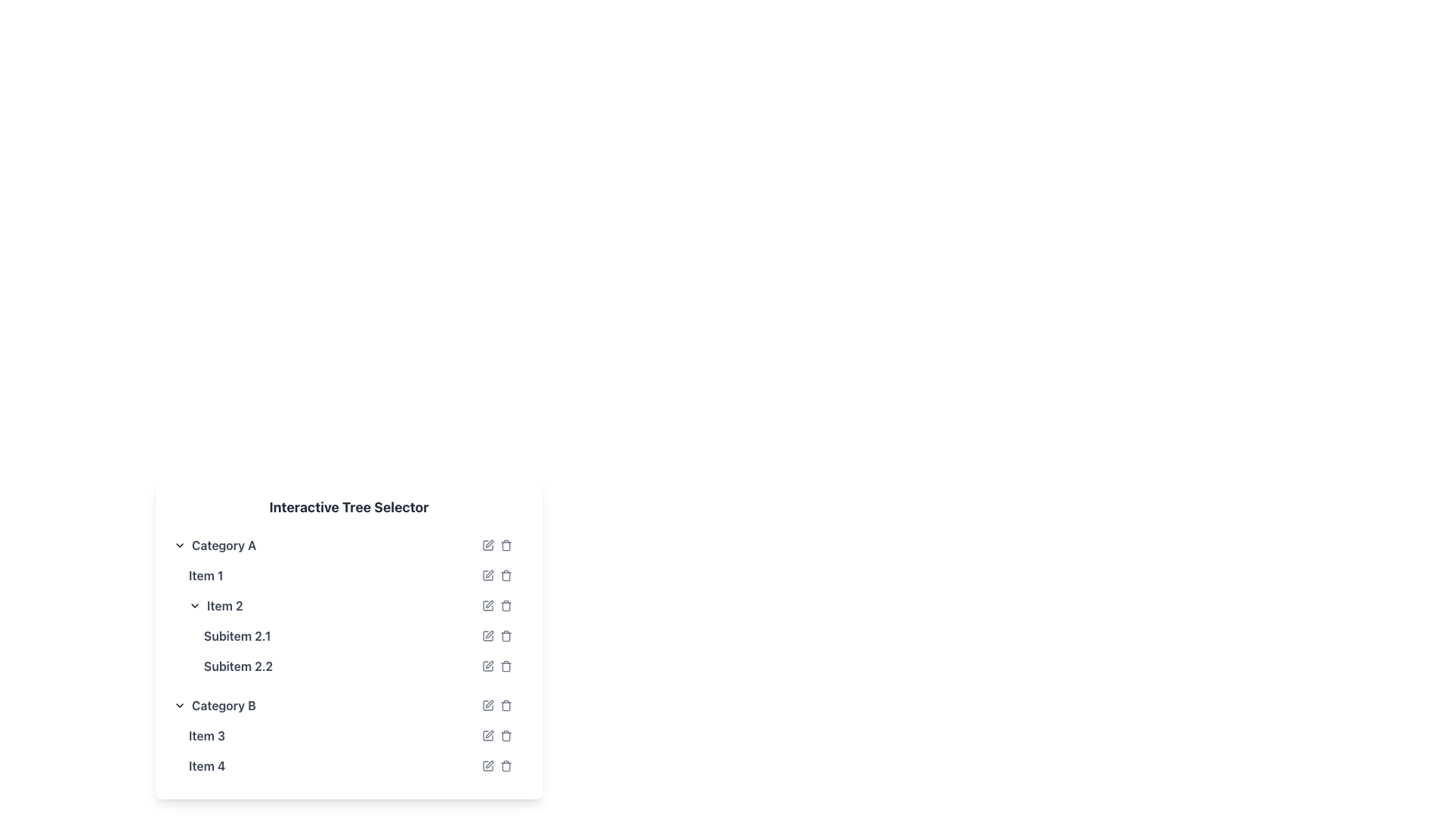  Describe the element at coordinates (214, 545) in the screenshot. I see `the Text Label with Icon located in the collapsible section header to interact with the section` at that location.